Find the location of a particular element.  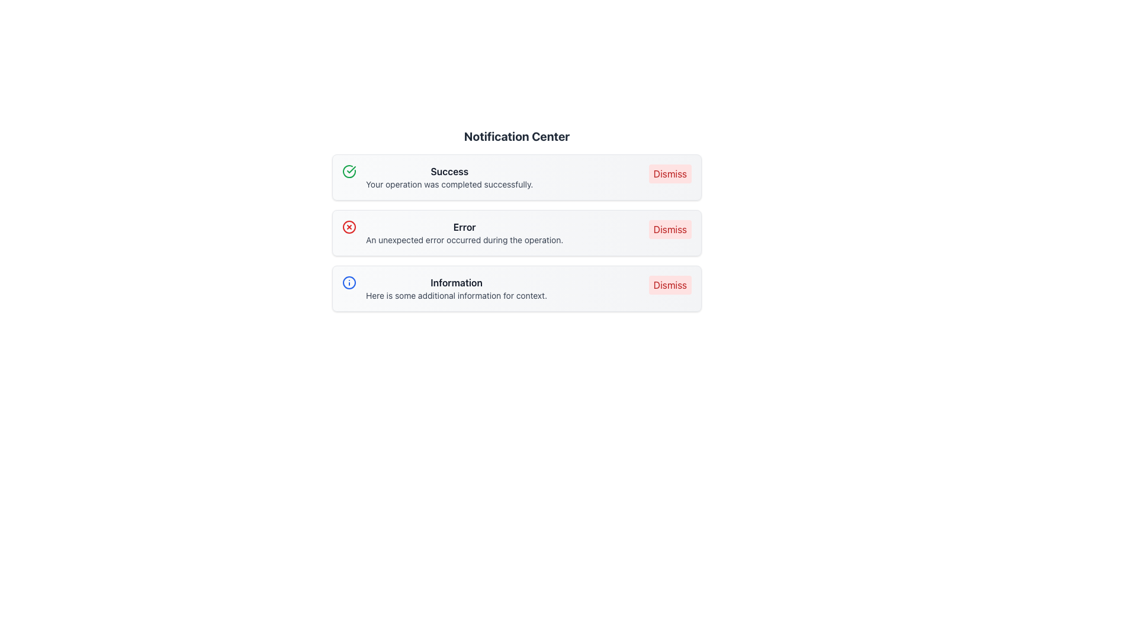

title text of the 'Information' notification card, which is positioned at the top of the card above the description text is located at coordinates (456, 283).